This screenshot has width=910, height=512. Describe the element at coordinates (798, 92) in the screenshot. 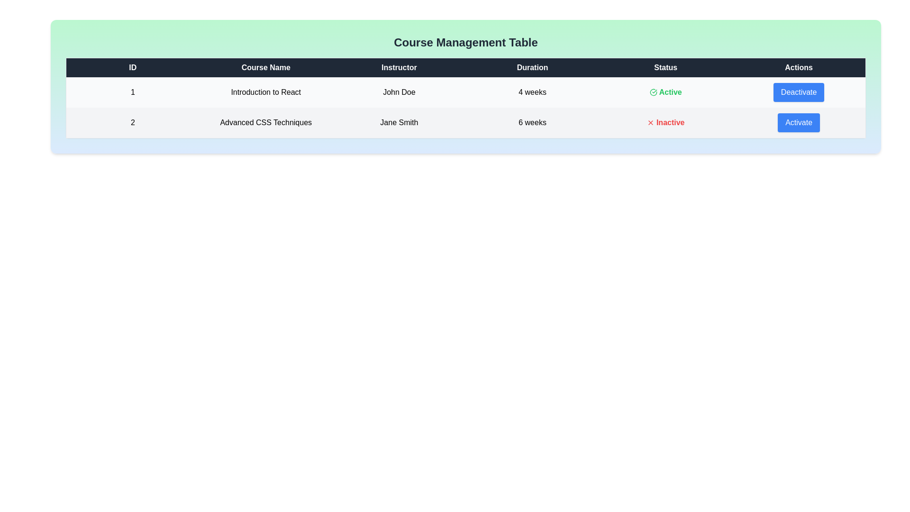

I see `the blue 'Deactivate' button with rounded corners to observe the color change in its hover state` at that location.